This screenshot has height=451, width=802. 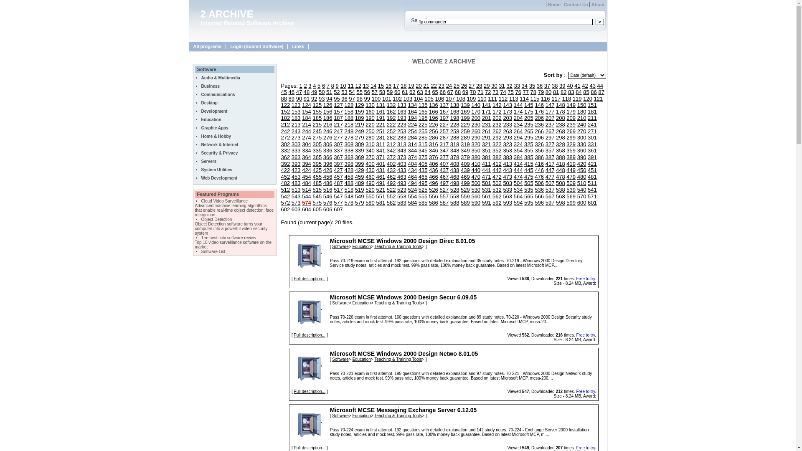 What do you see at coordinates (294, 279) in the screenshot?
I see `'Full description...'` at bounding box center [294, 279].